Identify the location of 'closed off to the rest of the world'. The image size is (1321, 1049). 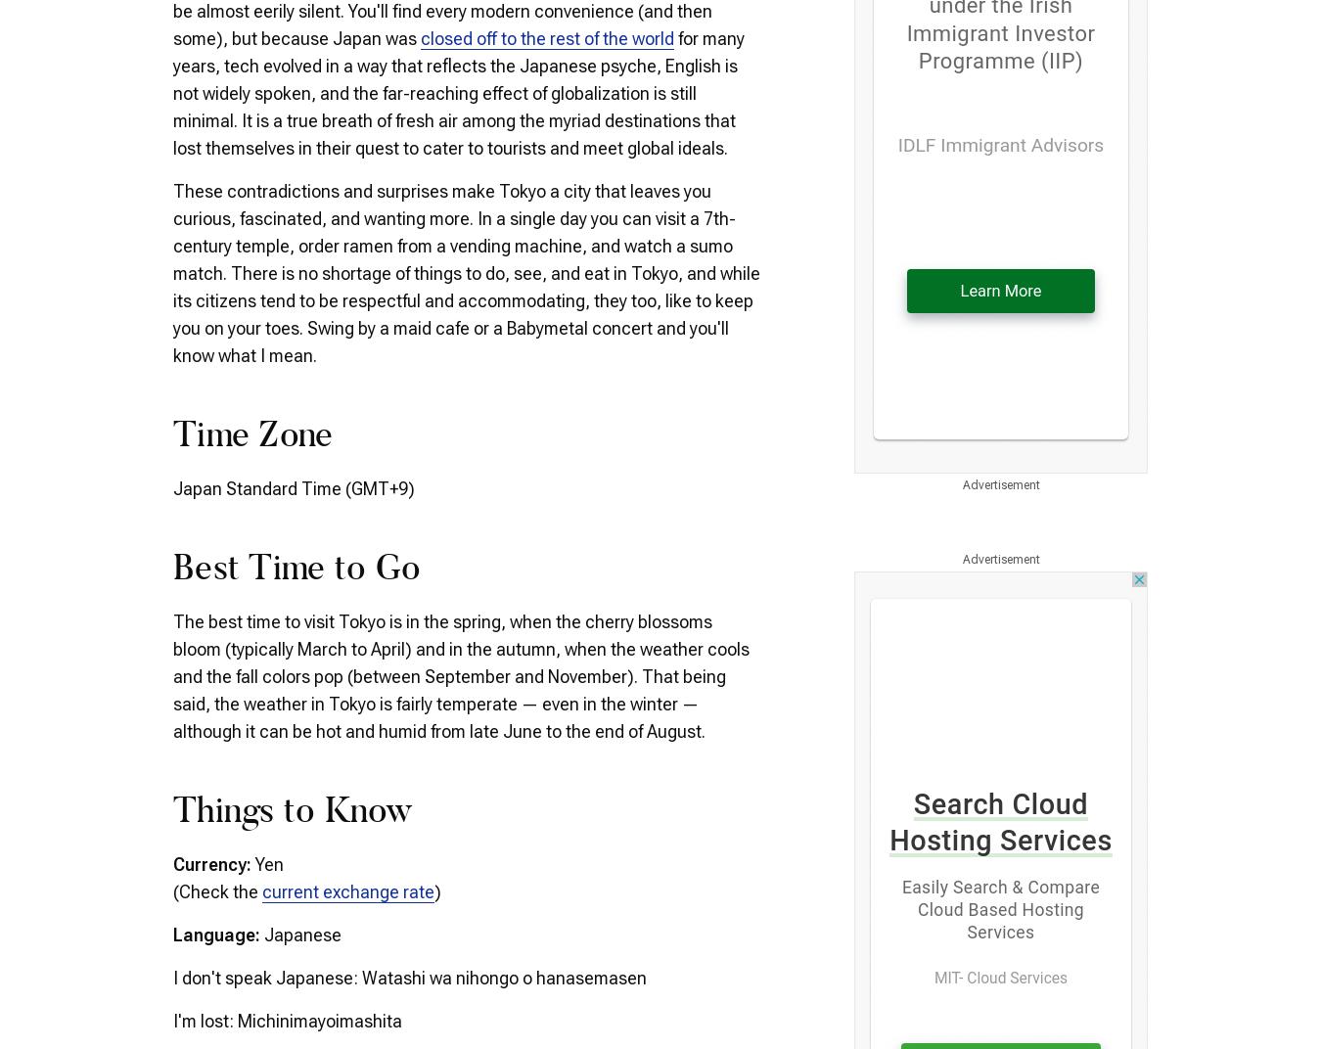
(546, 36).